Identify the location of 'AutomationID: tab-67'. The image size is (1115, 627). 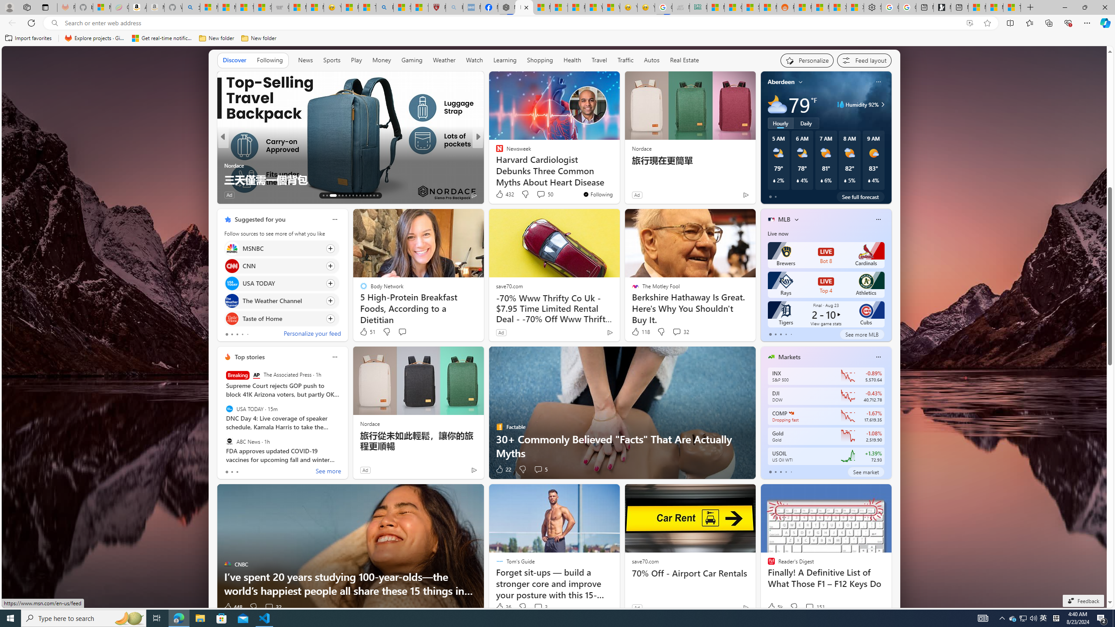
(327, 195).